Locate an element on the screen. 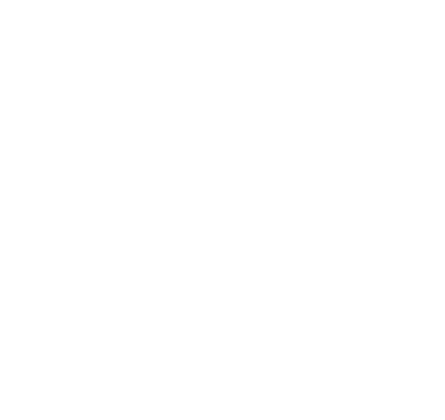 This screenshot has width=445, height=420. 'Functionality – IOPSYS uses these cookies so that we recognize you on our website and remember your previously selected preferences. These could include what language you prefer and location you are in' is located at coordinates (210, 336).